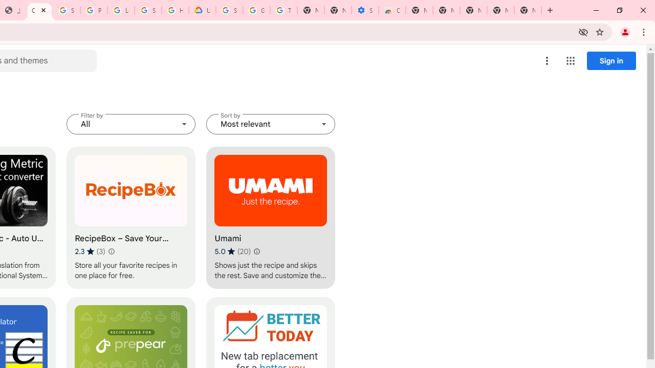 This screenshot has width=655, height=368. Describe the element at coordinates (130, 124) in the screenshot. I see `'Filter by All'` at that location.